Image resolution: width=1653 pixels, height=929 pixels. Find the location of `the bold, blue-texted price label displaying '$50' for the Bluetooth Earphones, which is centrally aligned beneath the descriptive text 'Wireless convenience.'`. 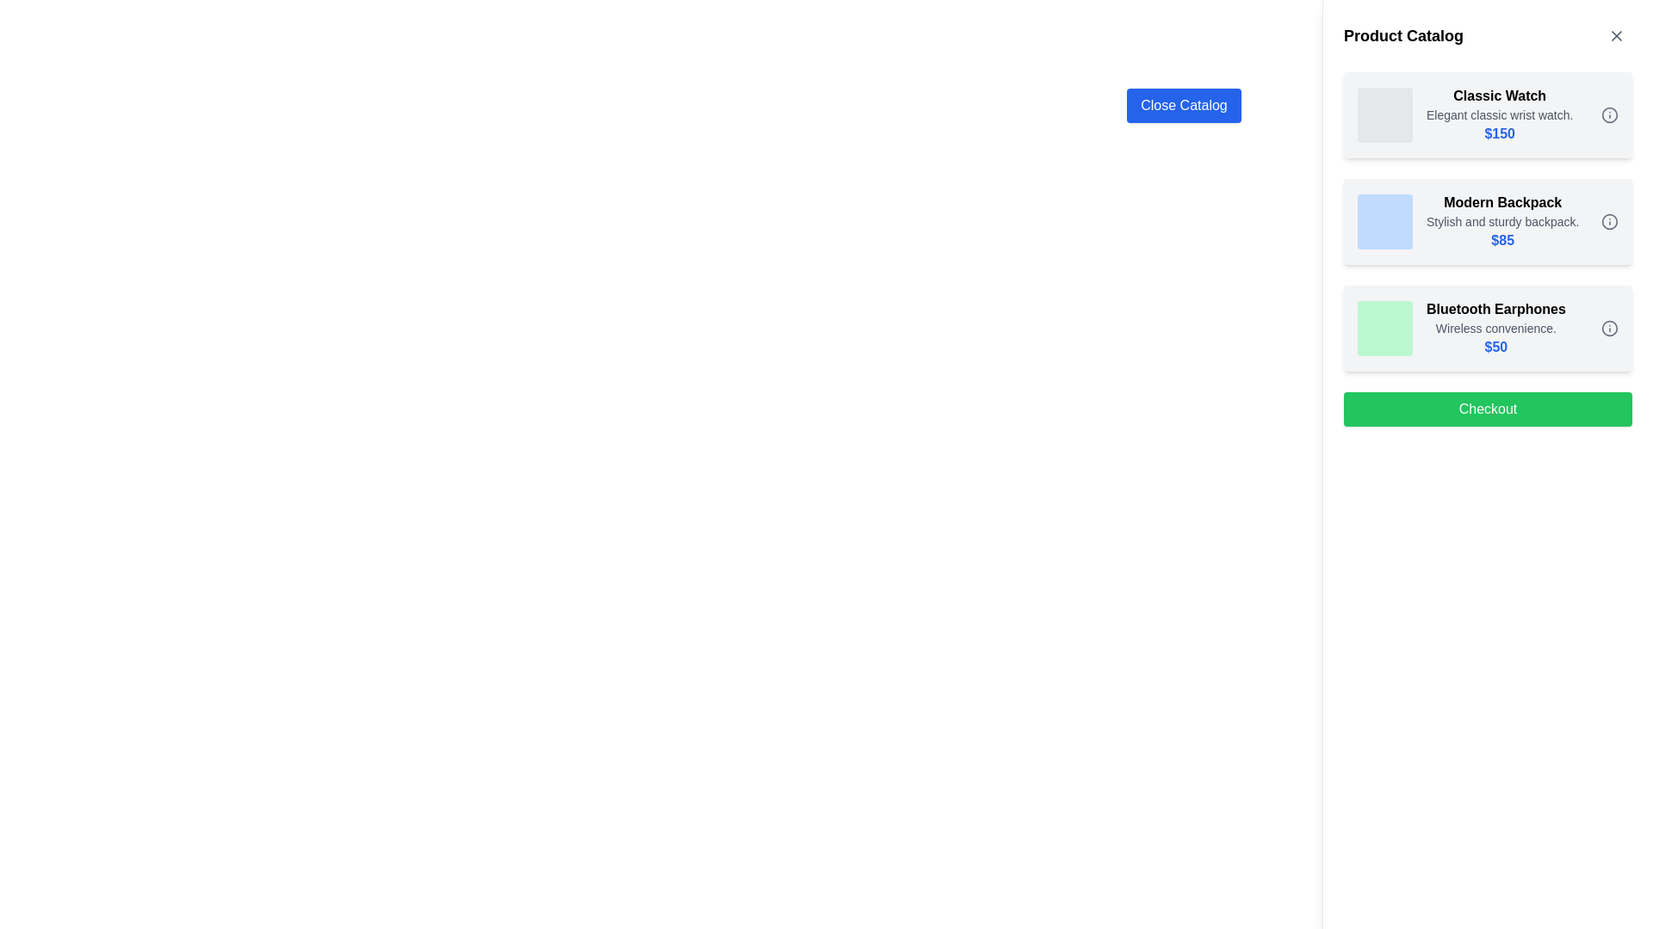

the bold, blue-texted price label displaying '$50' for the Bluetooth Earphones, which is centrally aligned beneath the descriptive text 'Wireless convenience.' is located at coordinates (1495, 348).